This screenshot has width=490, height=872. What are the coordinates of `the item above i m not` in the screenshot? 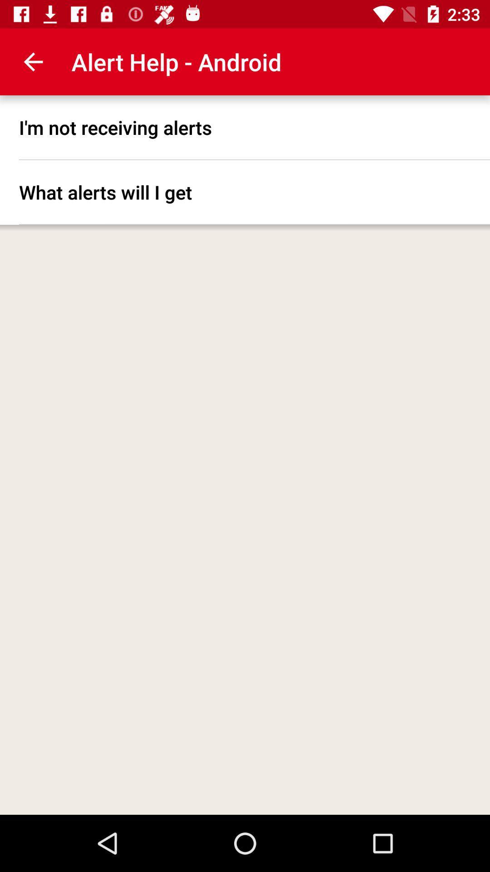 It's located at (33, 61).